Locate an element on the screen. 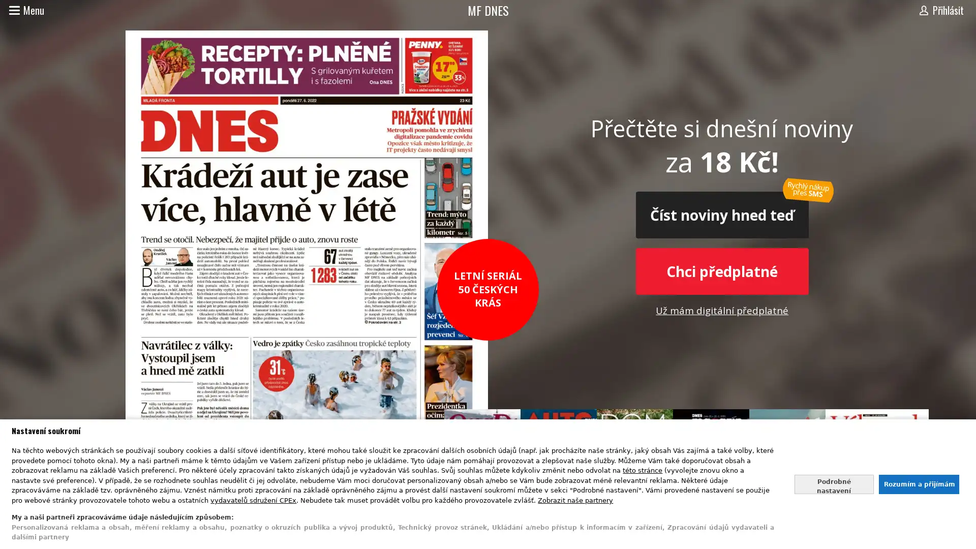 This screenshot has width=976, height=549. Zobrazit nase partnery is located at coordinates (575, 499).